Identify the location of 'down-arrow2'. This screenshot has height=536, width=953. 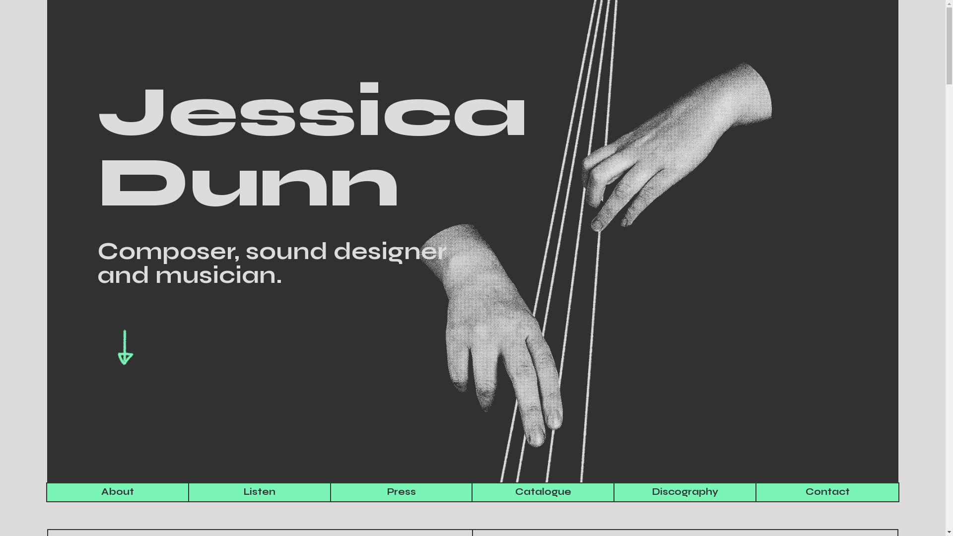
(125, 347).